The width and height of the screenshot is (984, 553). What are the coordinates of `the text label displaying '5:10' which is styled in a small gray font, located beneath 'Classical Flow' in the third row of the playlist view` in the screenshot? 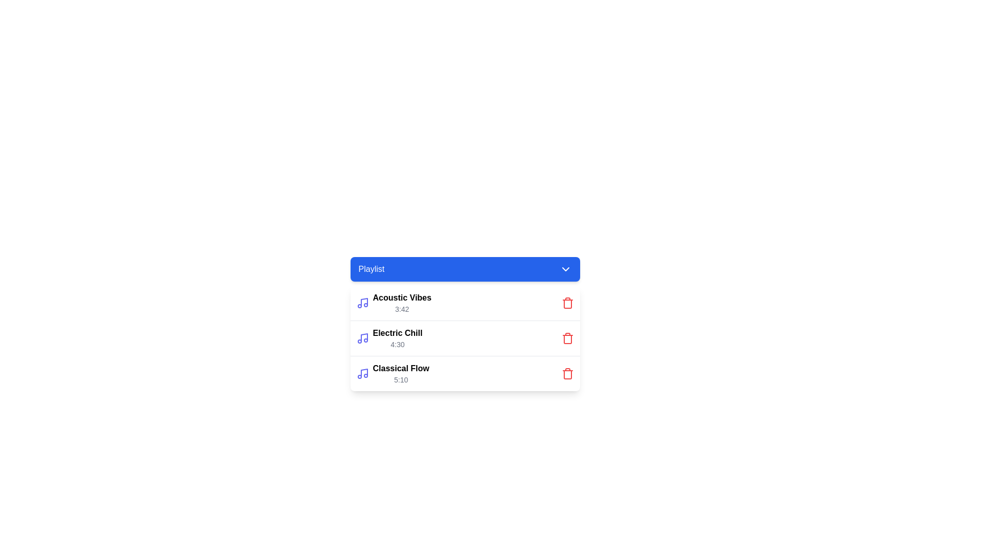 It's located at (400, 379).